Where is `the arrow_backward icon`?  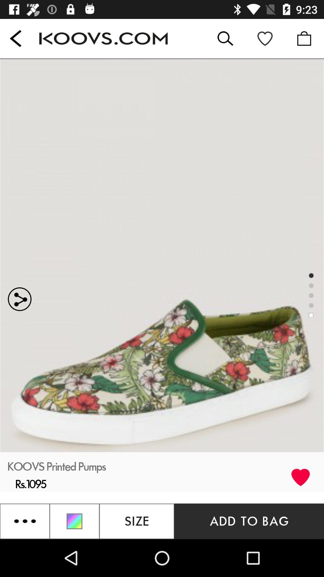
the arrow_backward icon is located at coordinates (15, 38).